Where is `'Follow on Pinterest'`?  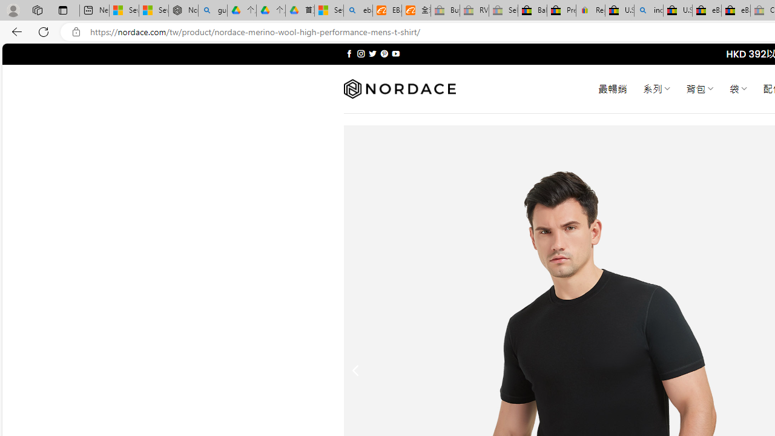
'Follow on Pinterest' is located at coordinates (383, 53).